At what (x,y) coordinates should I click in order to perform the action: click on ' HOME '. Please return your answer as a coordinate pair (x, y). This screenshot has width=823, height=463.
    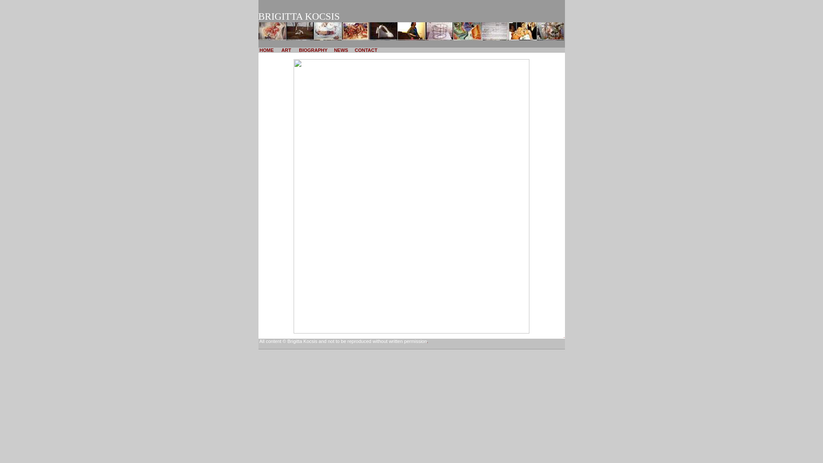
    Looking at the image, I should click on (266, 50).